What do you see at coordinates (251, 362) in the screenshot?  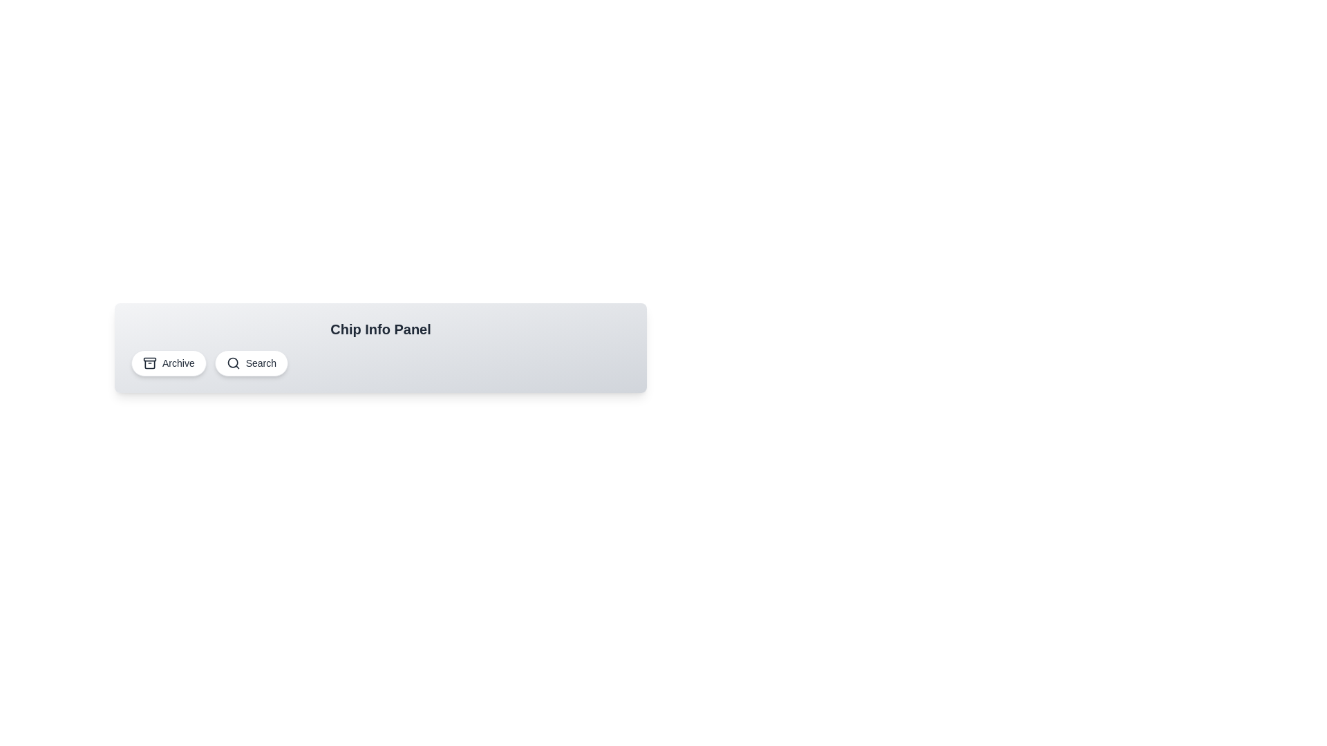 I see `the chip labeled Search to display its information` at bounding box center [251, 362].